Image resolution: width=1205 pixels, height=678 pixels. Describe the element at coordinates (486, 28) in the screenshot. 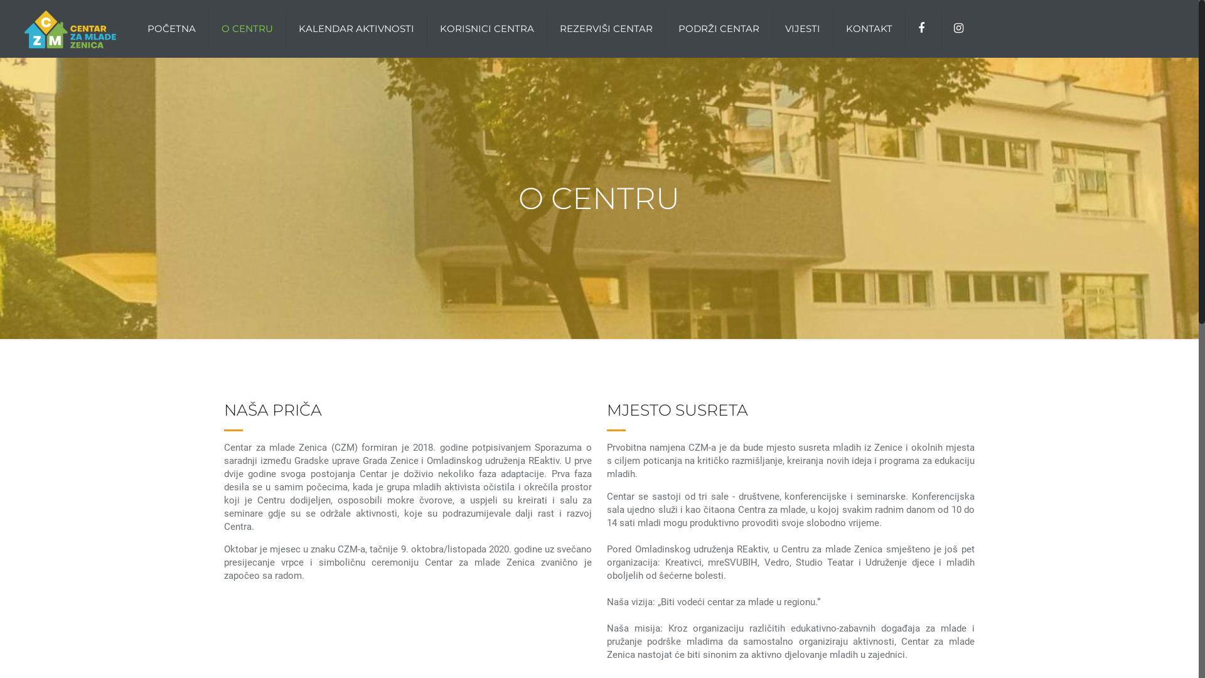

I see `'KORISNICI CENTRA'` at that location.